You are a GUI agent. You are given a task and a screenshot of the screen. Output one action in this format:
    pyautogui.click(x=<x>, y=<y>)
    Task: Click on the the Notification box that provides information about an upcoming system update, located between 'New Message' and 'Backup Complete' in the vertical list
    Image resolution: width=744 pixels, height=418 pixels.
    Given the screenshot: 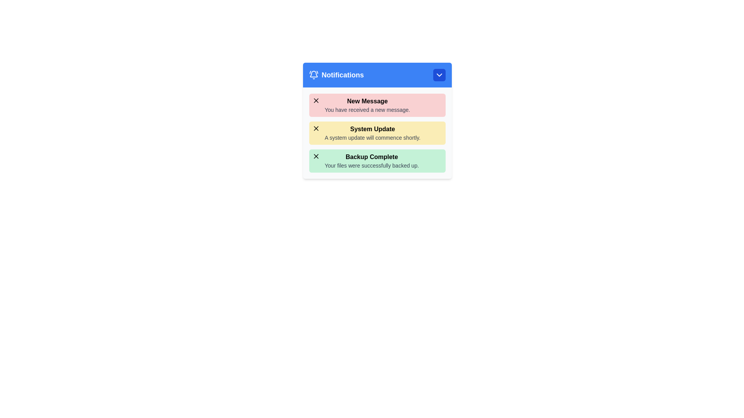 What is the action you would take?
    pyautogui.click(x=377, y=132)
    